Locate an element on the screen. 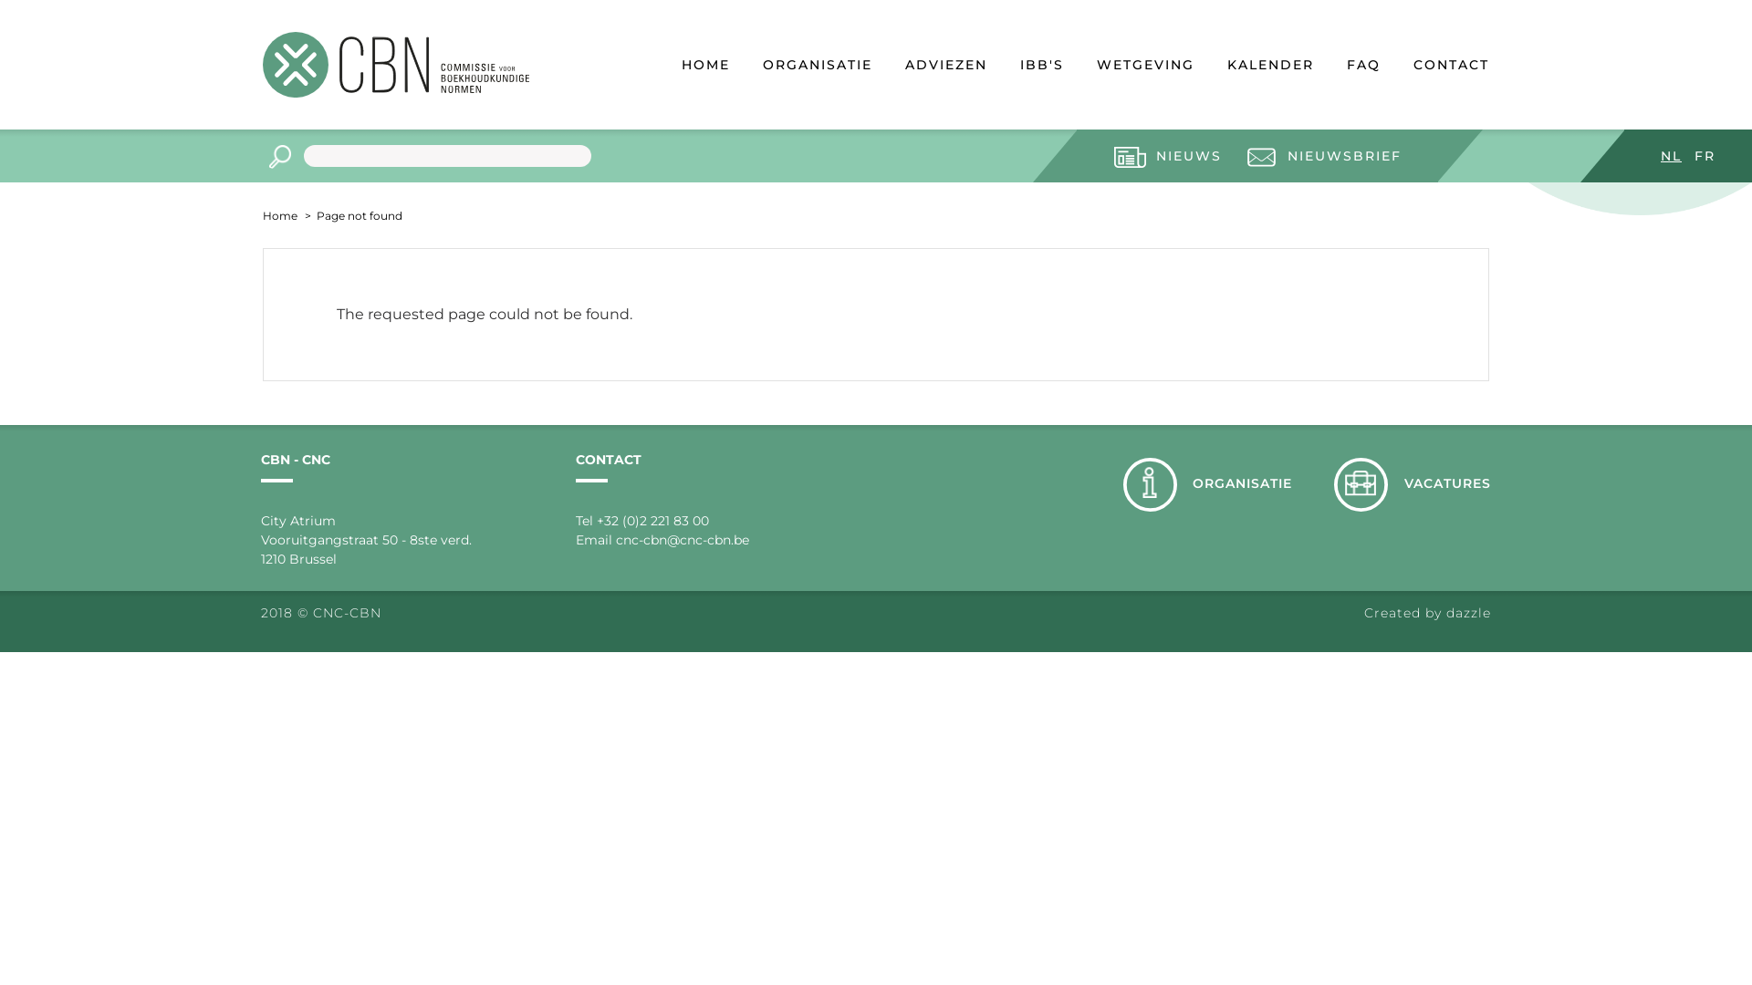  'FR' is located at coordinates (1704, 154).